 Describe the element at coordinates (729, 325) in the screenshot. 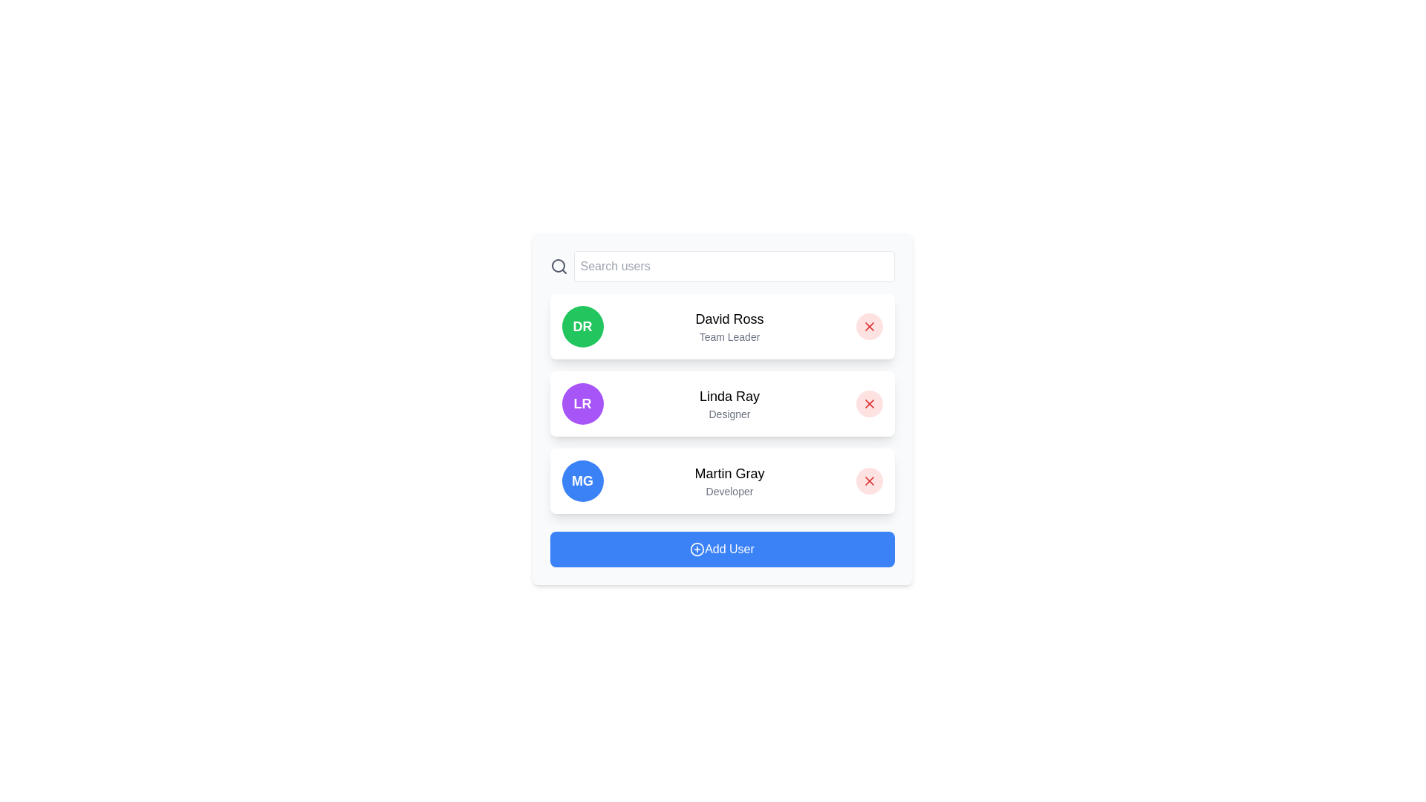

I see `the Text Label Group that displays 'David Ross' and 'Team Leader', which is positioned next to a green avatar and a clickable red icon` at that location.